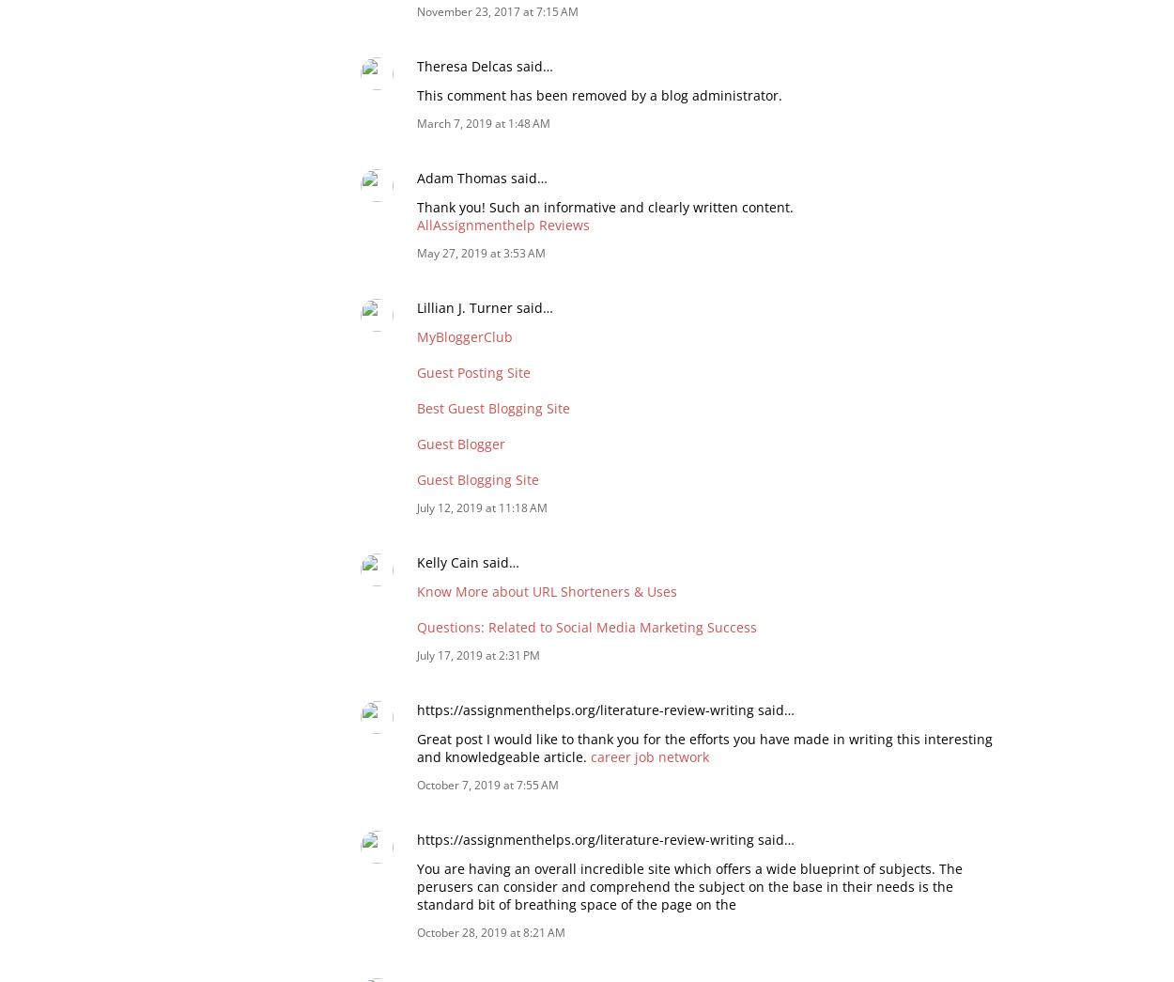  I want to click on 'Adam Thomas', so click(461, 177).